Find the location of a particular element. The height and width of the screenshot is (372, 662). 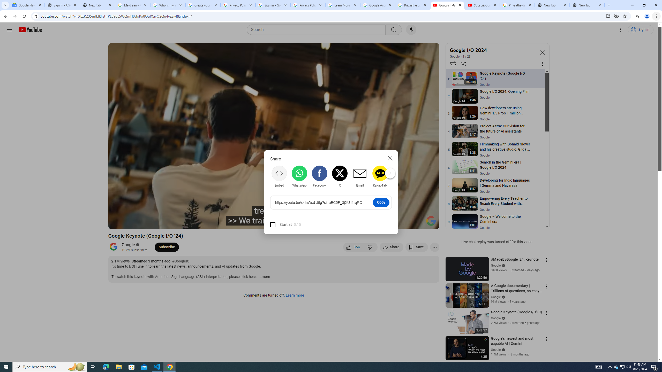

'Facebook' is located at coordinates (319, 176).